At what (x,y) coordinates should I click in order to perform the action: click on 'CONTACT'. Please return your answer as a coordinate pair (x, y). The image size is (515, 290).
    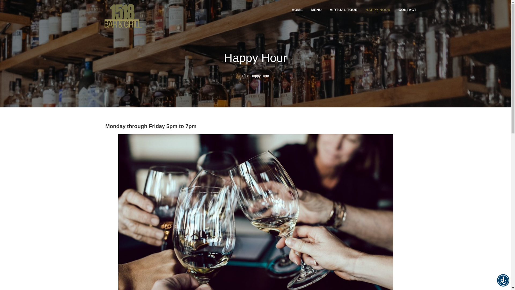
    Looking at the image, I should click on (407, 10).